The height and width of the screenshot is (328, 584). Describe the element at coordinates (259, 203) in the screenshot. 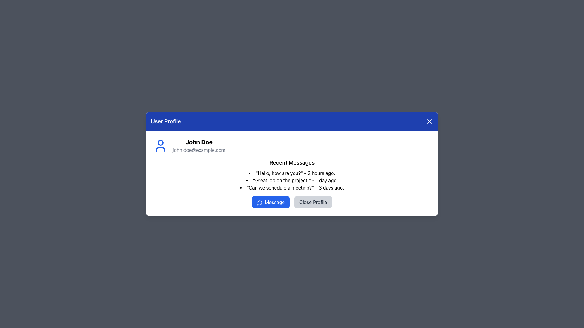

I see `the speech bubble icon, which is a thin black outlined circle with a tail, located within the dialog box to the left of the 'Message' button` at that location.